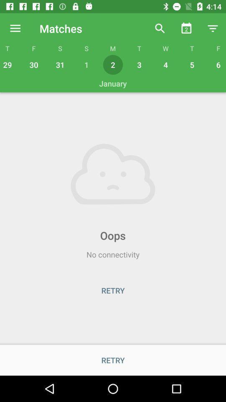 This screenshot has width=226, height=402. I want to click on item next to t icon, so click(160, 28).